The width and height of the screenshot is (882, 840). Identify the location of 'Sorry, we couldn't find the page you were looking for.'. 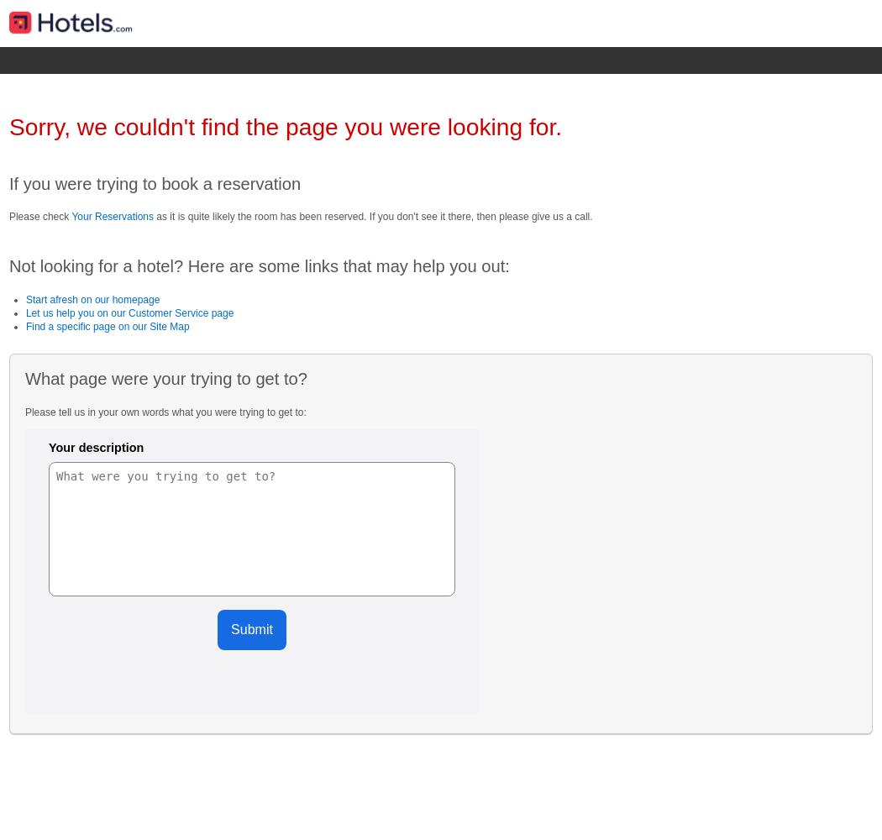
(8, 127).